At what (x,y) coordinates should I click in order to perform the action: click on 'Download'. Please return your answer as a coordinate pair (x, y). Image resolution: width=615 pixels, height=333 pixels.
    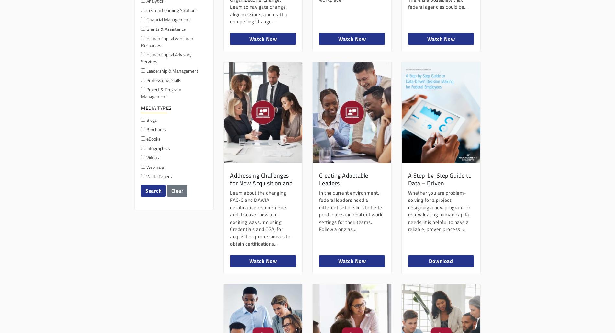
    Looking at the image, I should click on (440, 261).